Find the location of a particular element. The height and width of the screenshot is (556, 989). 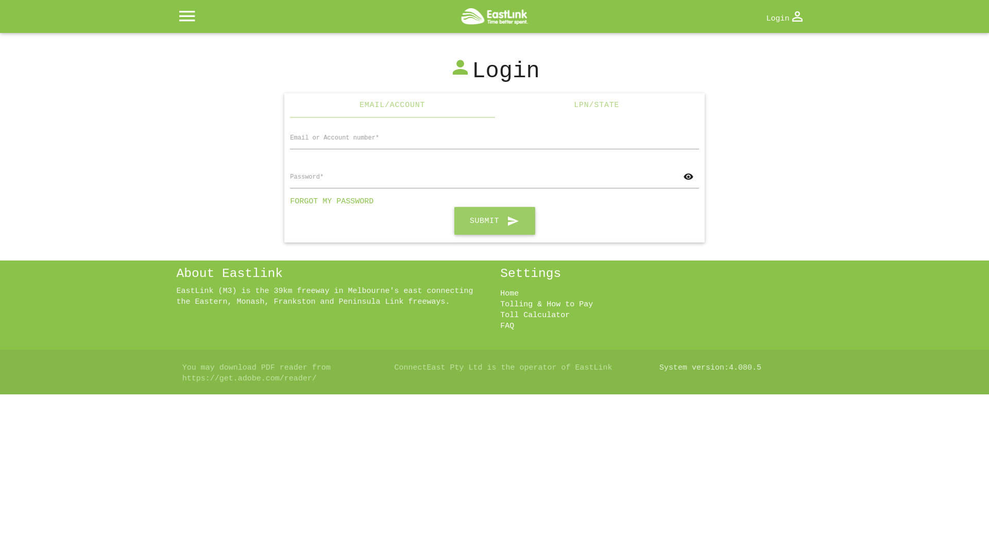

'SUBMIT' is located at coordinates (454, 220).